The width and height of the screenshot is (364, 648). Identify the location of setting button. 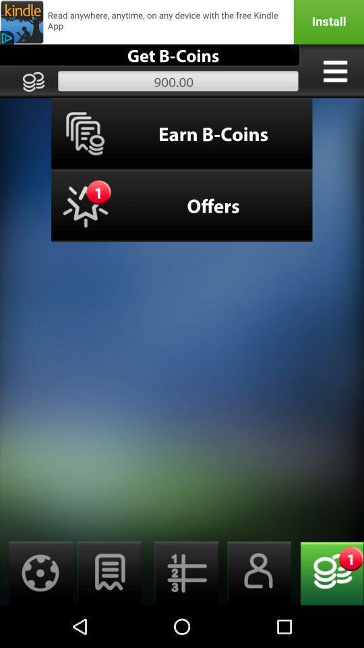
(36, 572).